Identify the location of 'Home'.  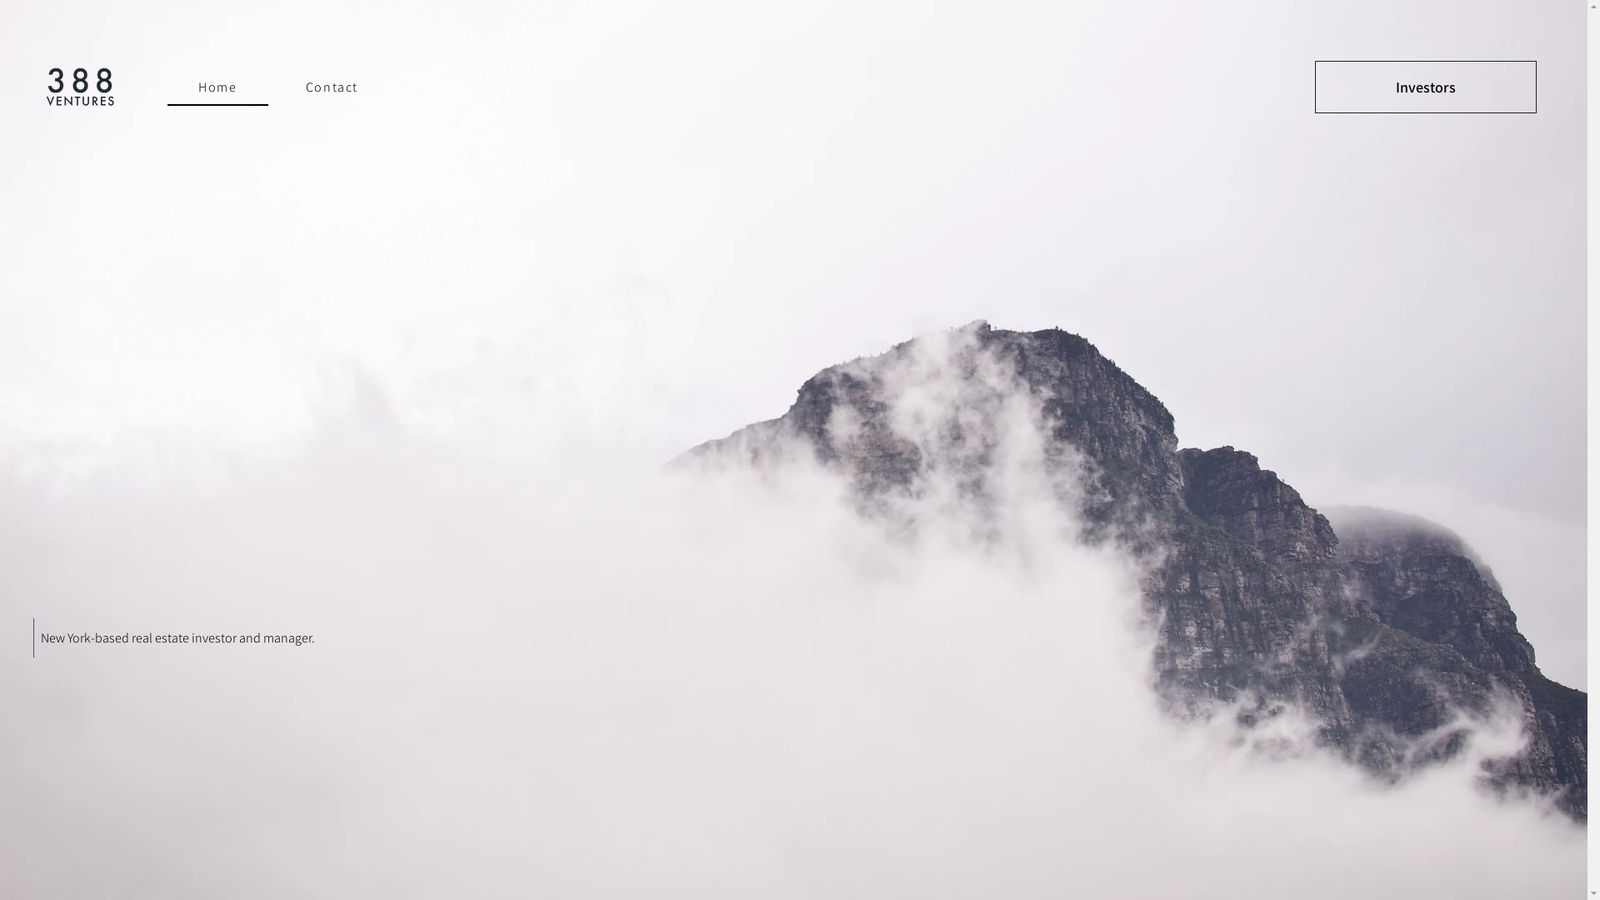
(217, 87).